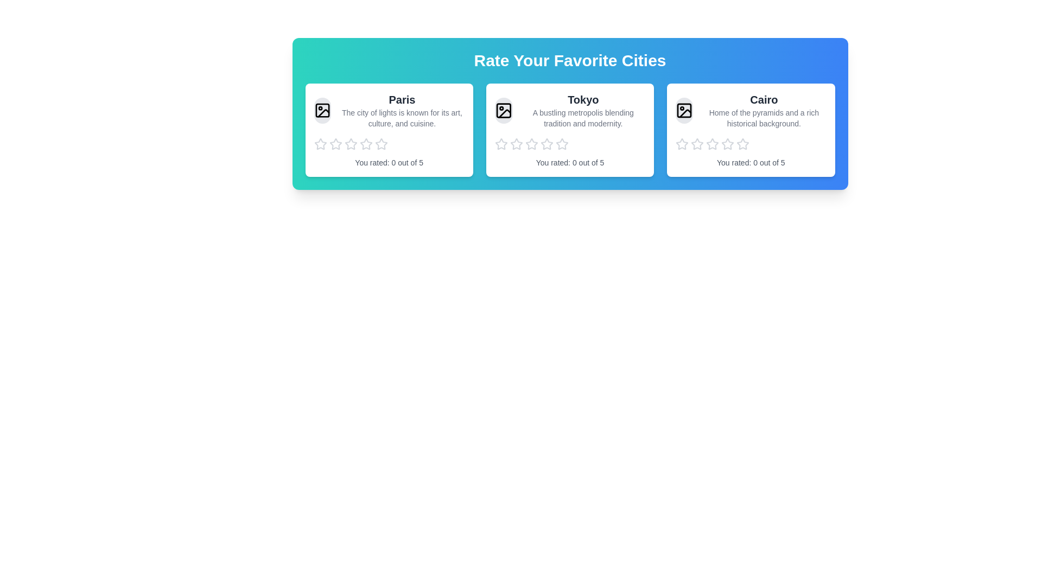  I want to click on the first star in the rating mechanism located under the title 'Paris' in the 'Rate Your Favorite Cities' interface, so click(320, 144).